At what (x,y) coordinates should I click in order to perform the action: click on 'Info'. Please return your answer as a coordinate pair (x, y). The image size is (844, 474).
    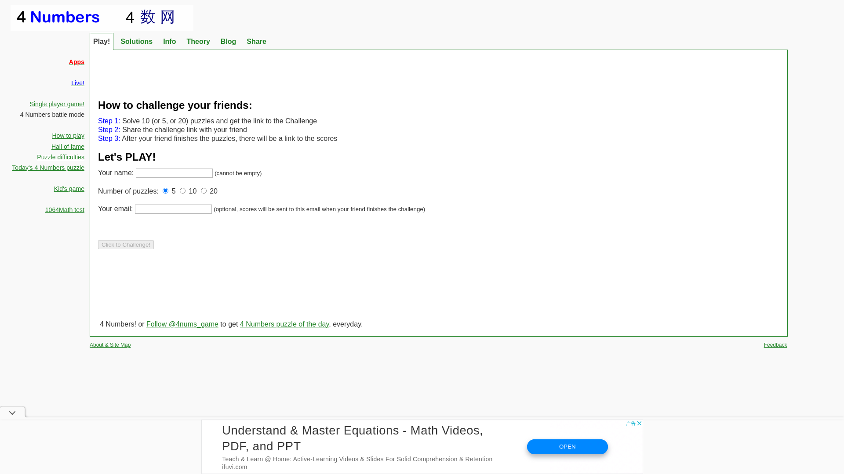
    Looking at the image, I should click on (169, 42).